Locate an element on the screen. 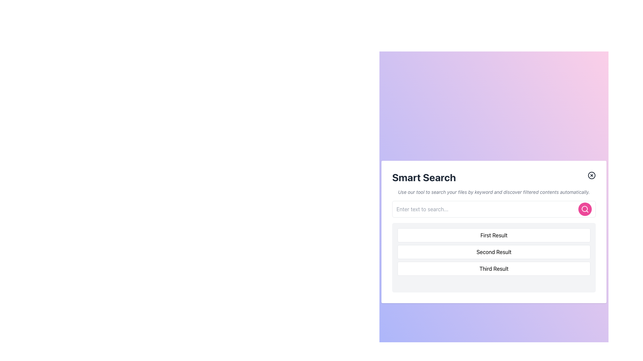 This screenshot has height=361, width=643. the first List Item in a vertical list of results is located at coordinates (494, 235).